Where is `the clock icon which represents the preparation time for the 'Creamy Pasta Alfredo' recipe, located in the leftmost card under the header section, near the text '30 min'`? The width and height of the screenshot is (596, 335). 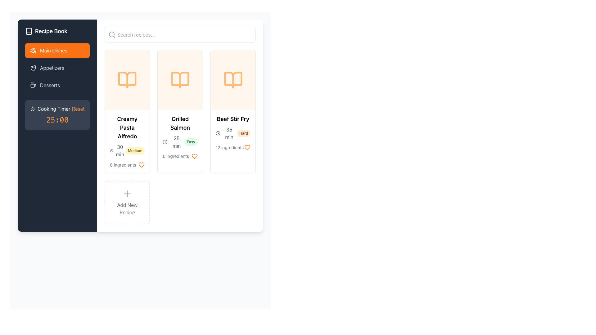 the clock icon which represents the preparation time for the 'Creamy Pasta Alfredo' recipe, located in the leftmost card under the header section, near the text '30 min' is located at coordinates (111, 151).